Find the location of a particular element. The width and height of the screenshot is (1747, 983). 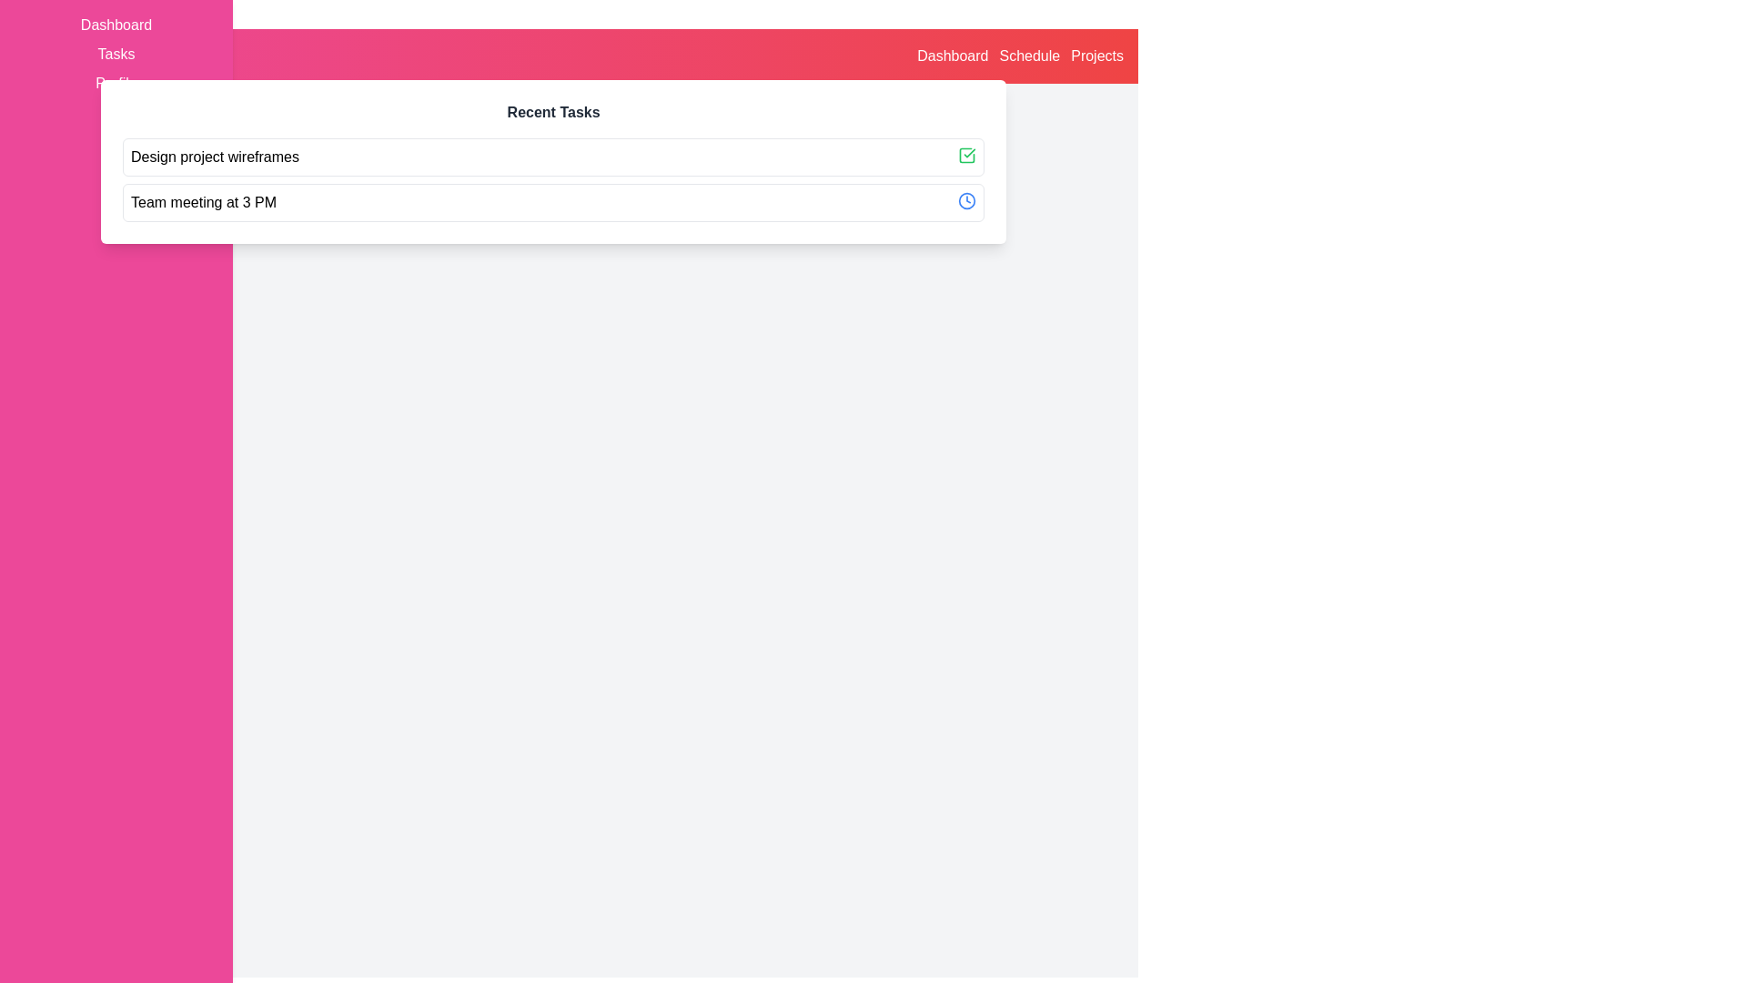

the 'Dashboard' text link to trigger the underline effect, which is styled to appear on hover against a red background in the header navigation bar is located at coordinates (952, 55).